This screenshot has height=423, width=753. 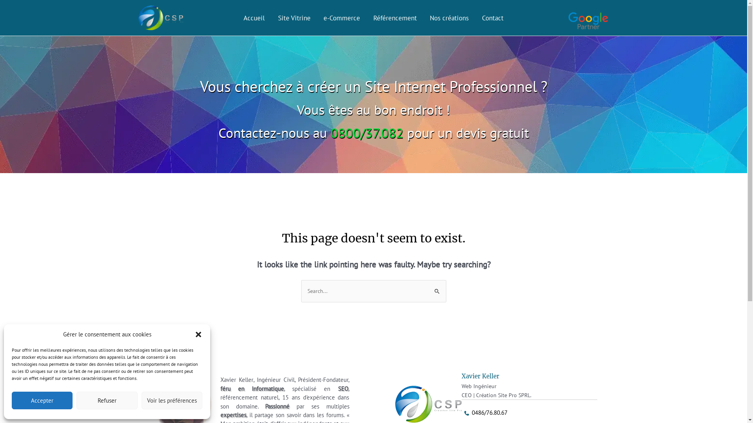 I want to click on 'Search', so click(x=437, y=288).